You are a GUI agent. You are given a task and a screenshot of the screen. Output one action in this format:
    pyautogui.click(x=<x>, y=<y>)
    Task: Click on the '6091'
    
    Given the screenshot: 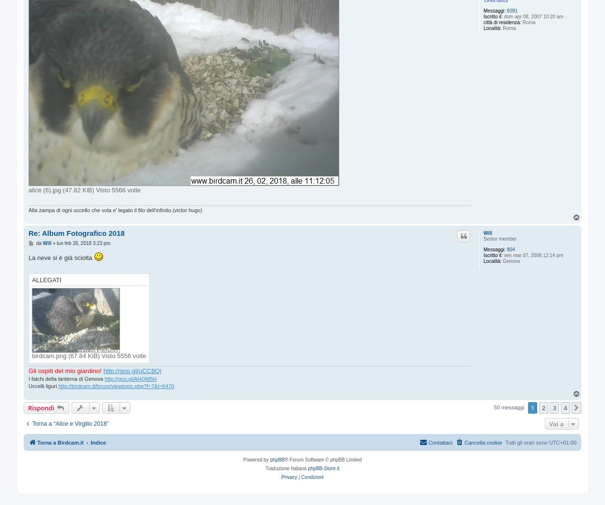 What is the action you would take?
    pyautogui.click(x=512, y=10)
    